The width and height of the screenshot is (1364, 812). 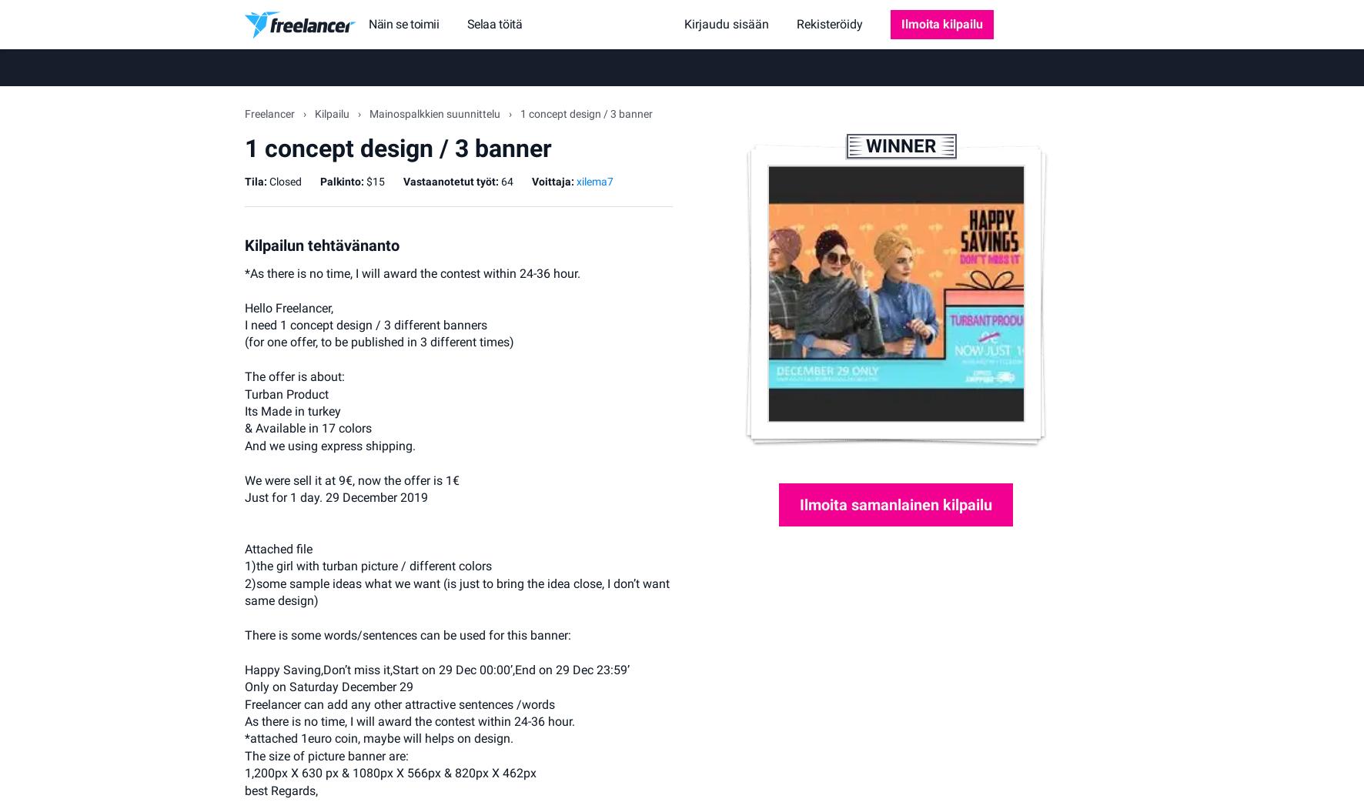 I want to click on '*attached  1euro coin, maybe will helps on design.', so click(x=378, y=738).